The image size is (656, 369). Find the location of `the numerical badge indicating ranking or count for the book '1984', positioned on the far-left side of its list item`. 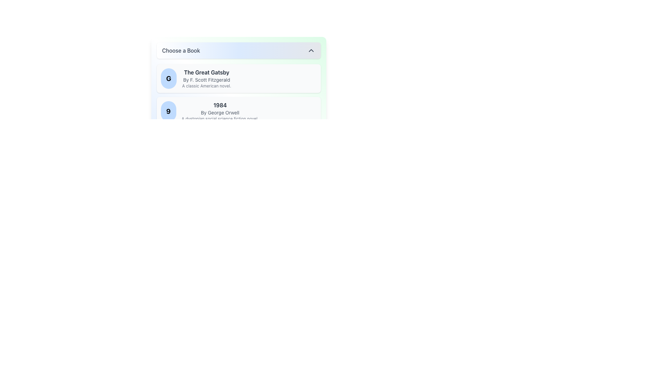

the numerical badge indicating ranking or count for the book '1984', positioned on the far-left side of its list item is located at coordinates (168, 111).